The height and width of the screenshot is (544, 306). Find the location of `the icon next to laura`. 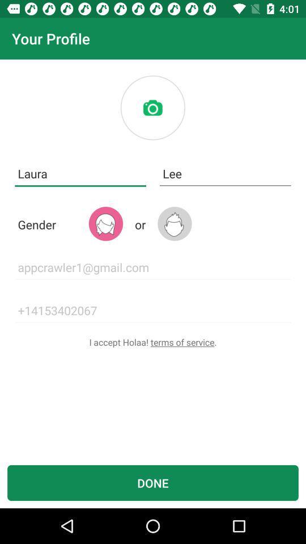

the icon next to laura is located at coordinates (225, 174).